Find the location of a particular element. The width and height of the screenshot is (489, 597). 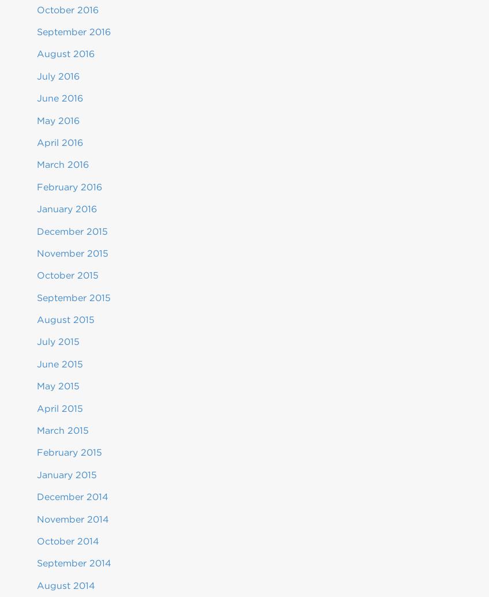

'August 2015' is located at coordinates (65, 319).